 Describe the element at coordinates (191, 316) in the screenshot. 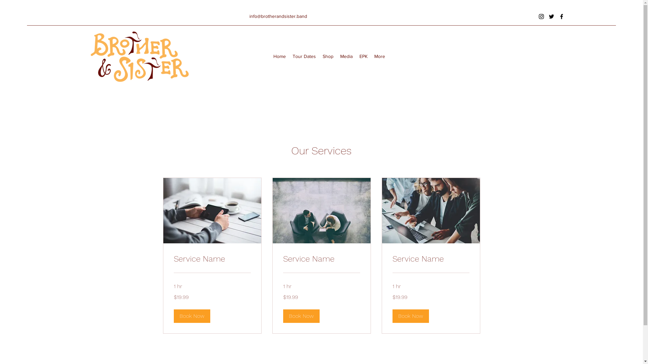

I see `'Book Now'` at that location.